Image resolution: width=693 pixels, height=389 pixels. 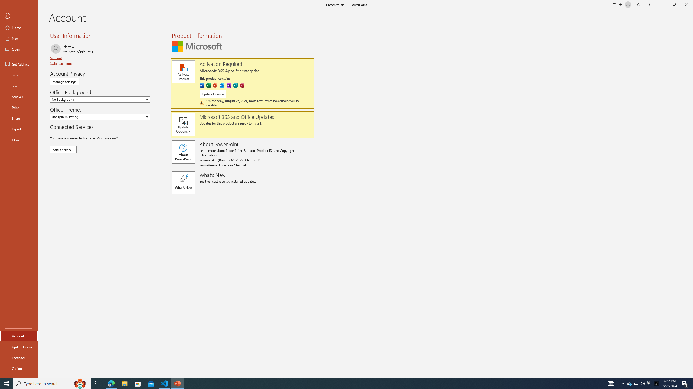 I want to click on 'Switch account', so click(x=61, y=63).